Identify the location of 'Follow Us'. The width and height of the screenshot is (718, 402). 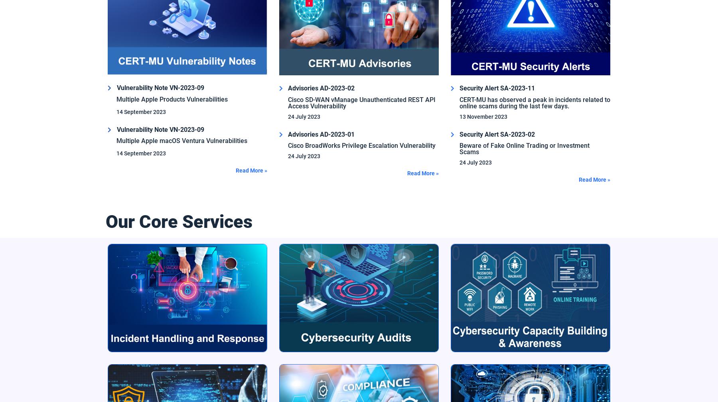
(118, 262).